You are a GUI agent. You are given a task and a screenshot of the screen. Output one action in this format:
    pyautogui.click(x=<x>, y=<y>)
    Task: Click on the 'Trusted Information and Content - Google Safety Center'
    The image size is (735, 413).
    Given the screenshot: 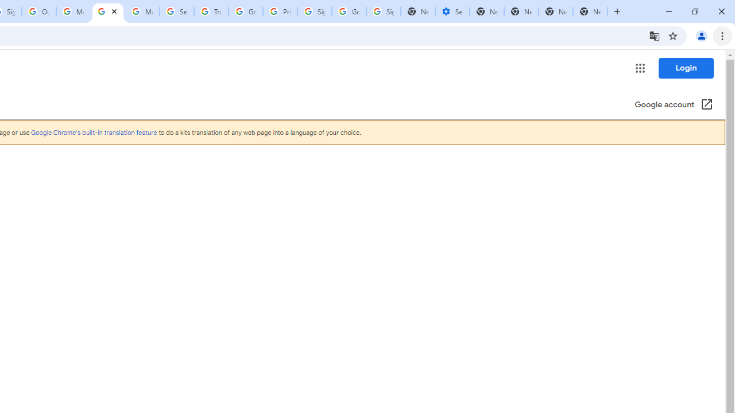 What is the action you would take?
    pyautogui.click(x=211, y=11)
    